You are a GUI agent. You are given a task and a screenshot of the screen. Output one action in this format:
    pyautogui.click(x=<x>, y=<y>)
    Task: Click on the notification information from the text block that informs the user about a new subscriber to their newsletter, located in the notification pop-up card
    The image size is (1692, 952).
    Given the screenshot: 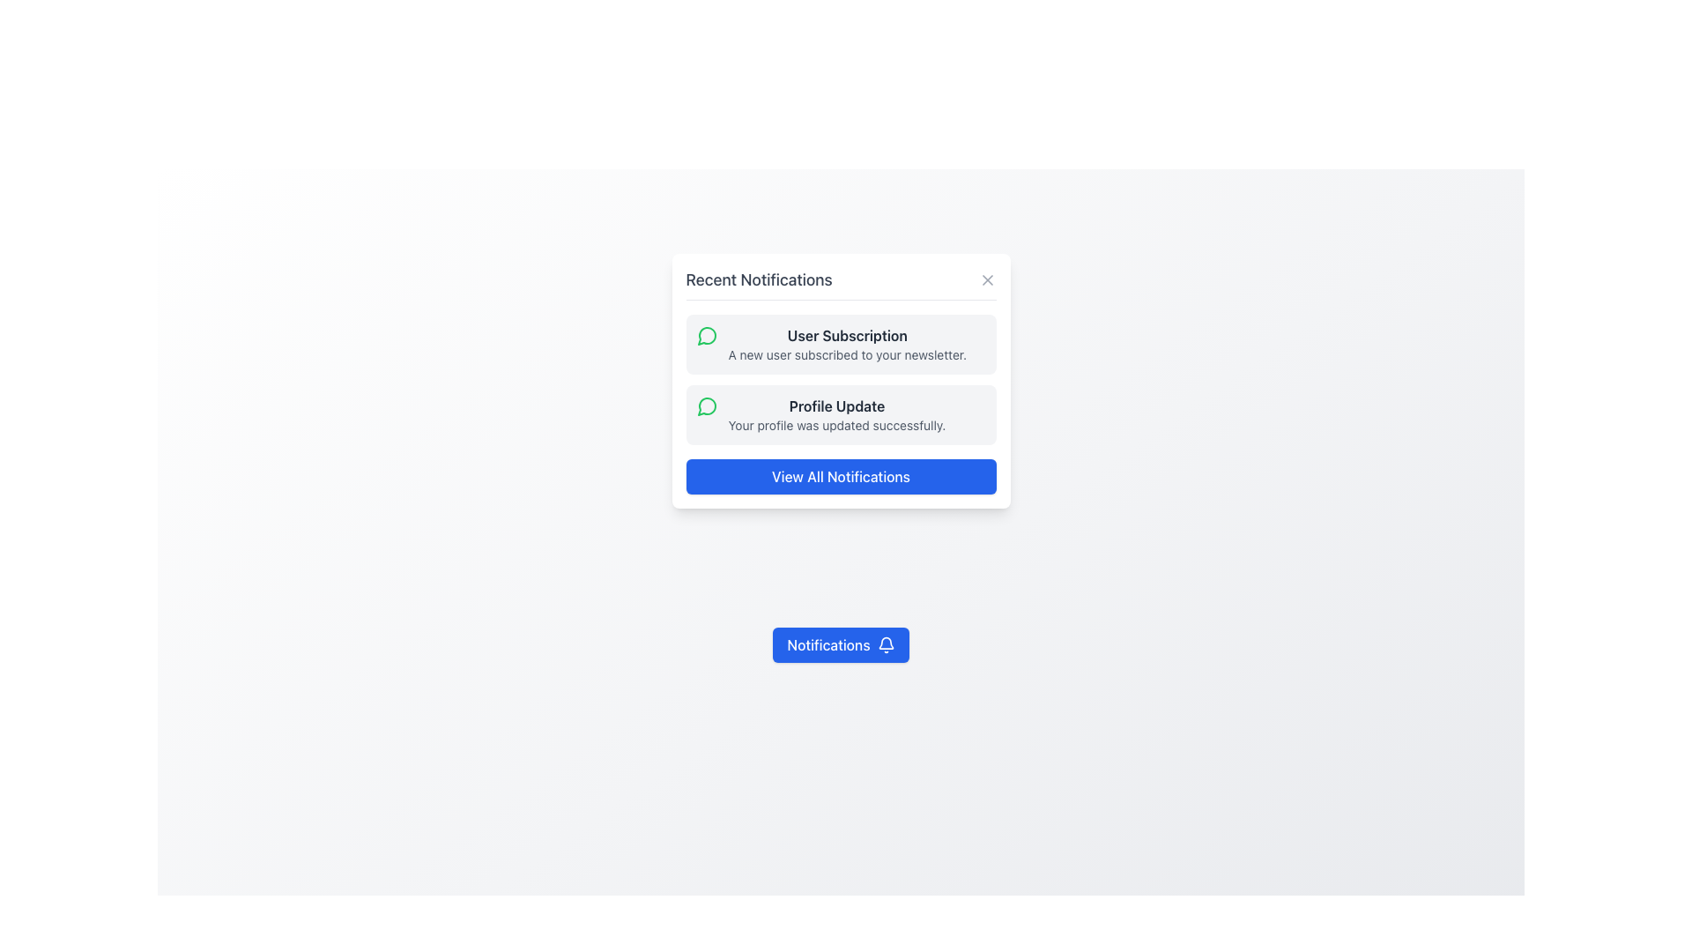 What is the action you would take?
    pyautogui.click(x=847, y=344)
    